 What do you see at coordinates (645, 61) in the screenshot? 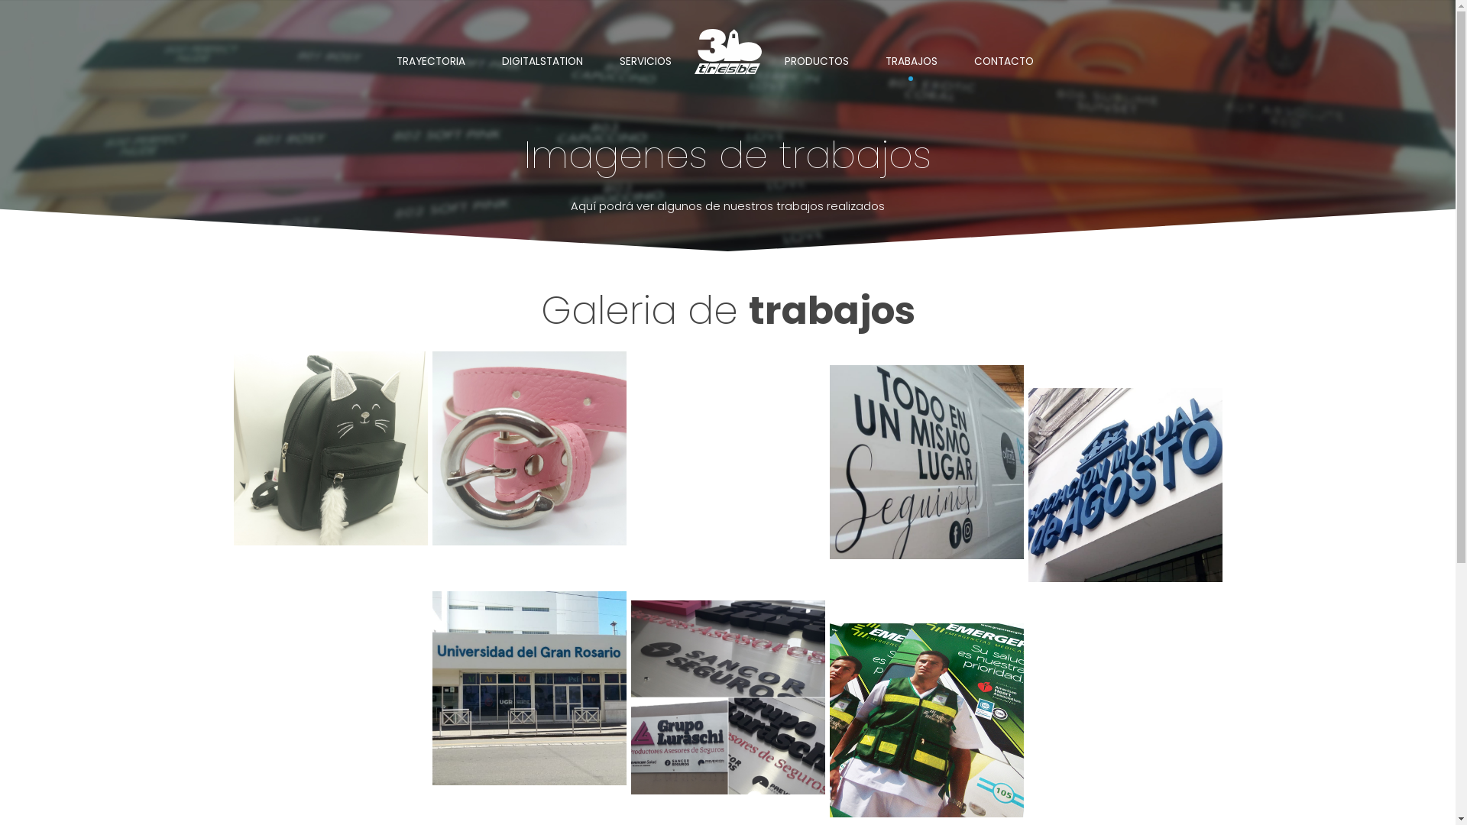
I see `'SERVICIOS'` at bounding box center [645, 61].